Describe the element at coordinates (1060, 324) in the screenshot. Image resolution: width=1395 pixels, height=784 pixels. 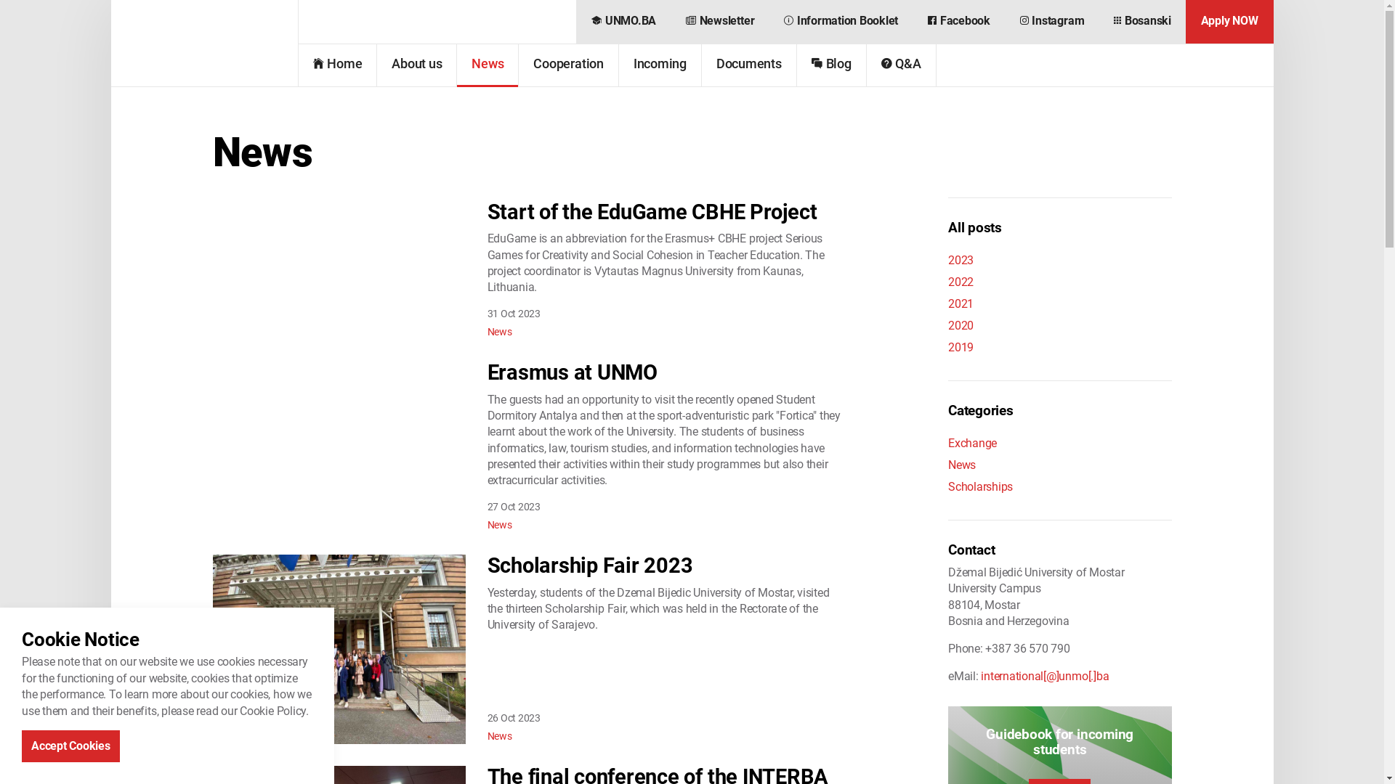
I see `'2020'` at that location.